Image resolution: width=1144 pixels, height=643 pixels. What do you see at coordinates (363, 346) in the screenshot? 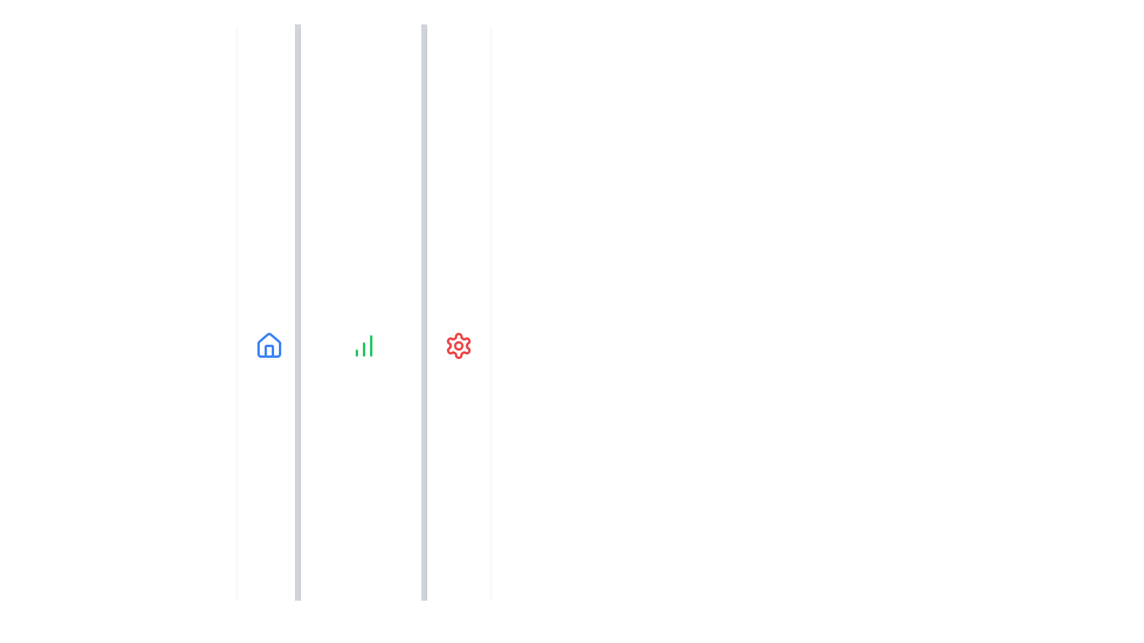
I see `the bar chart icon` at bounding box center [363, 346].